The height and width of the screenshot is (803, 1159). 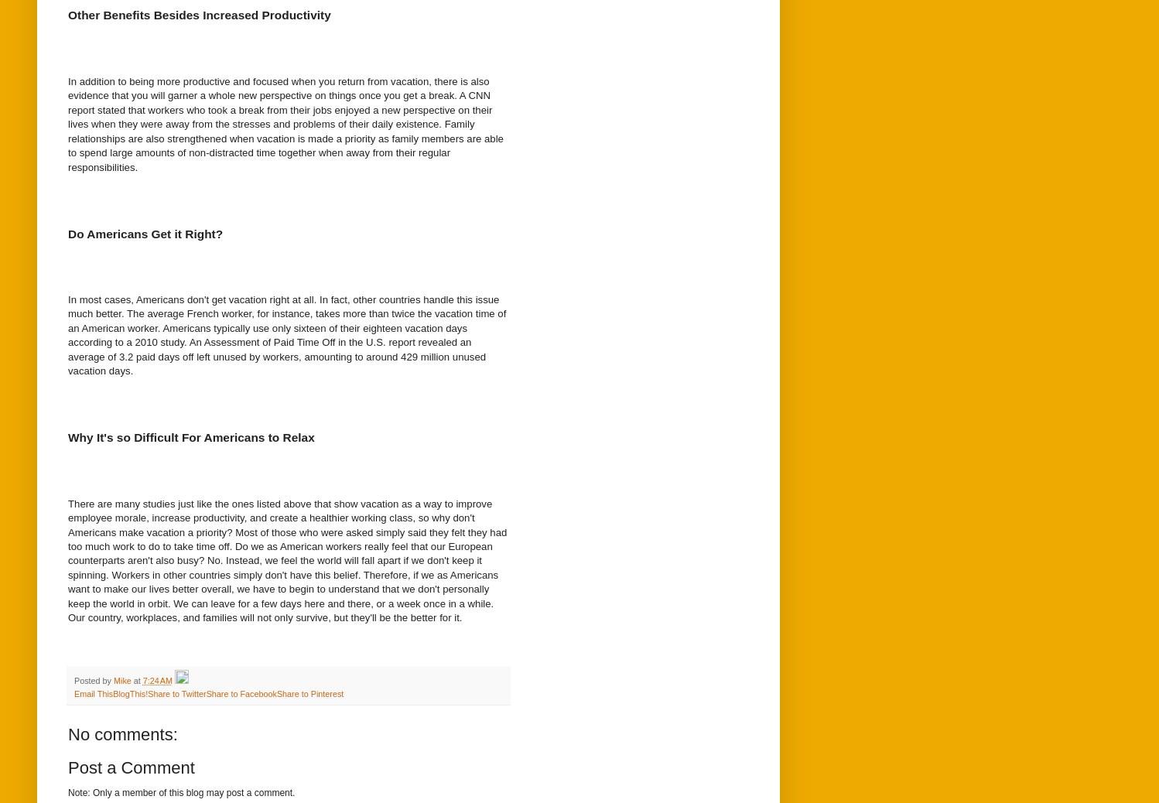 I want to click on 'In most cases, Americans don't get vacation right at all. In fact, other countries handle this issue much better. The average French worker, for instance, takes more than twice the vacation time of an American worker. Americans typically use only sixteen of their eighteen vacation days according to a 2010 study. An Assessment of Paid Time Off in the U.S. report revealed an average of 3.2 paid days off left unused by workers, amounting to around 429 million unused vacation days.', so click(x=67, y=334).